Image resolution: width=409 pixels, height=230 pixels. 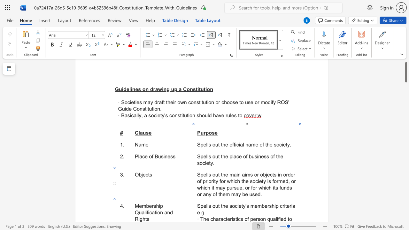 I want to click on the 1th character "Q" in the text, so click(x=136, y=212).